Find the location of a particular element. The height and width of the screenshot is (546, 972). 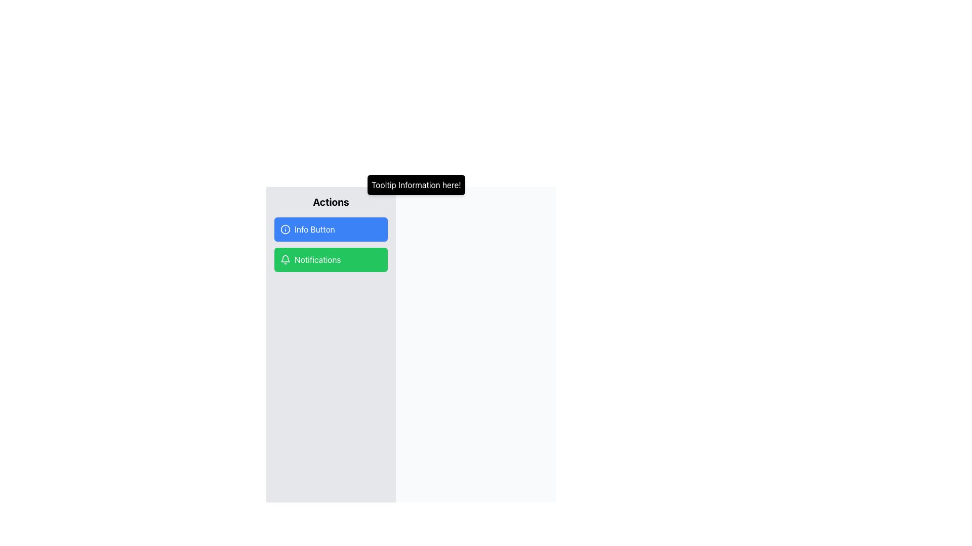

the notification icon located within the green 'Notifications' button under the blue 'Info Button' is located at coordinates (285, 259).